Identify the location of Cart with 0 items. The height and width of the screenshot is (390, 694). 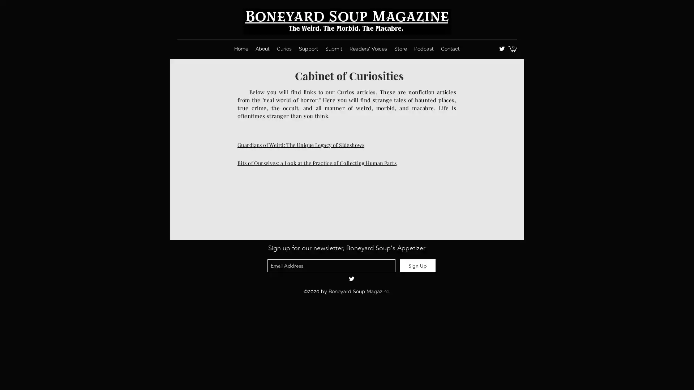
(512, 49).